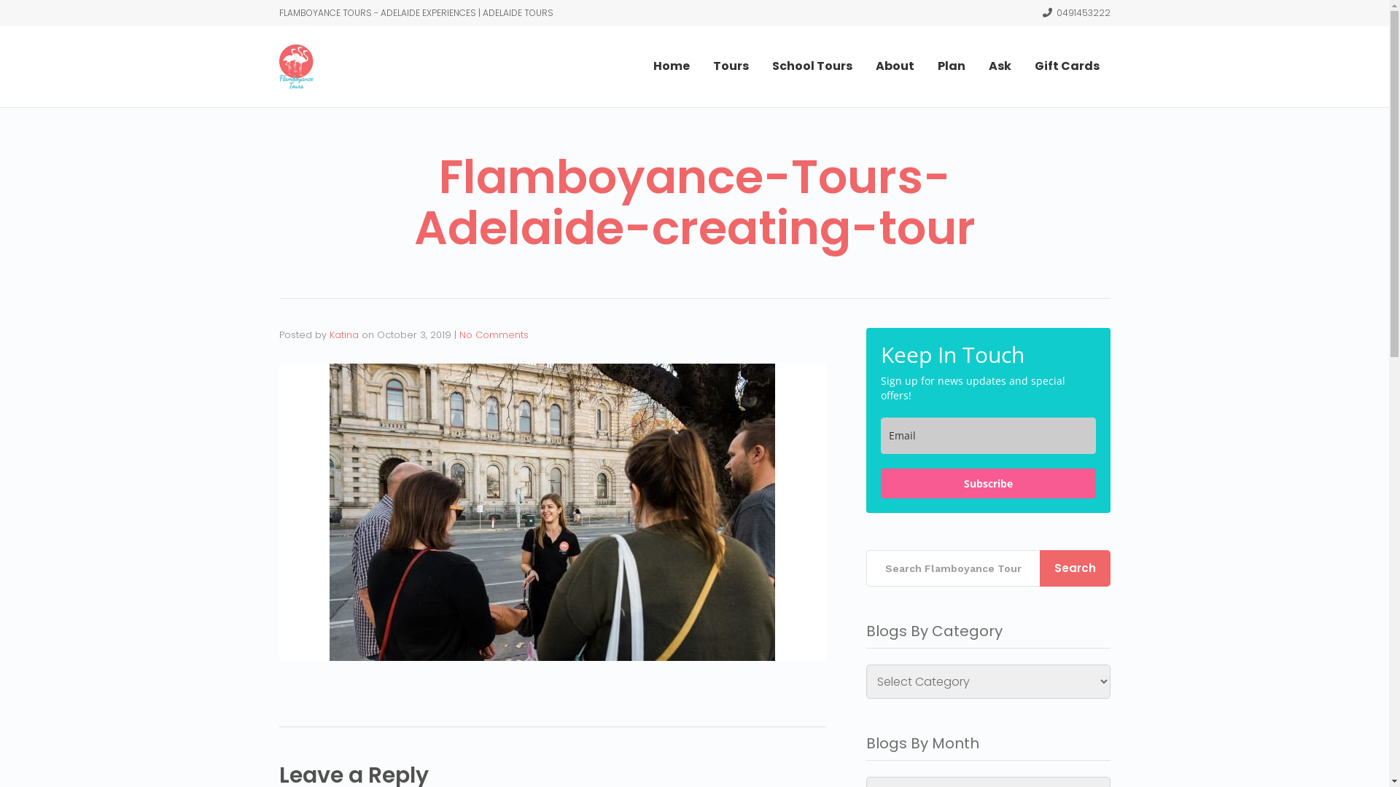 The image size is (1400, 787). What do you see at coordinates (671, 66) in the screenshot?
I see `'Home'` at bounding box center [671, 66].